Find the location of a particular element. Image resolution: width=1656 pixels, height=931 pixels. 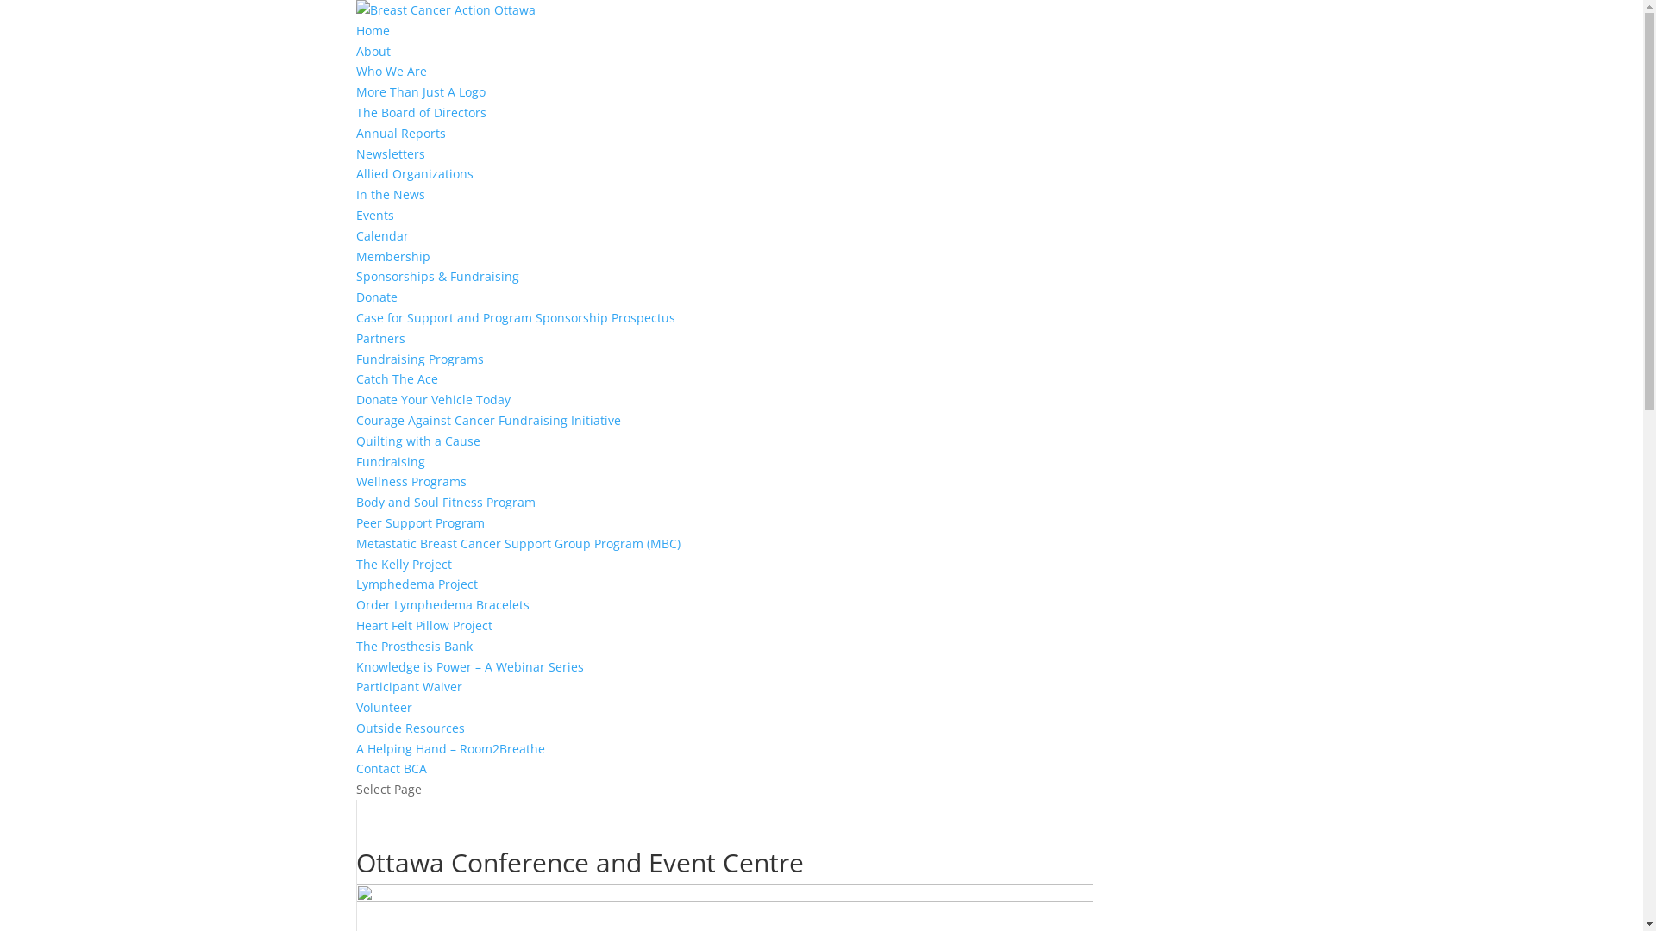

'Metastatic Breast Cancer Support Group Program (MBC)' is located at coordinates (517, 543).